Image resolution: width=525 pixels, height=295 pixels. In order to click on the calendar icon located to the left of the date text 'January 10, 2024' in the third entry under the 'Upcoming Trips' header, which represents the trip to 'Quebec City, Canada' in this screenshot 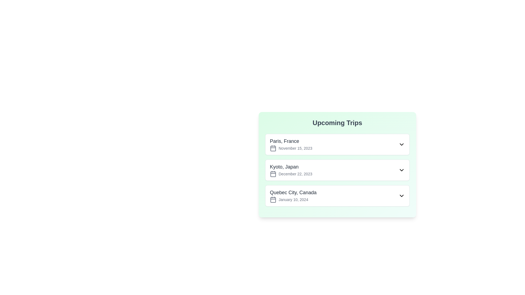, I will do `click(273, 200)`.